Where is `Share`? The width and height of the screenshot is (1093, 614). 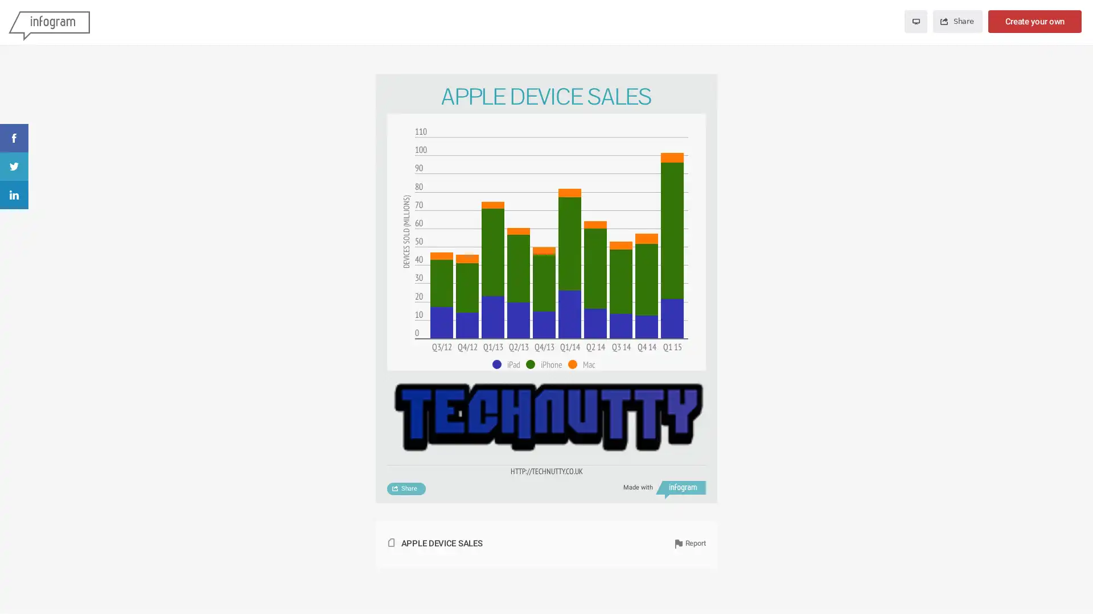
Share is located at coordinates (956, 22).